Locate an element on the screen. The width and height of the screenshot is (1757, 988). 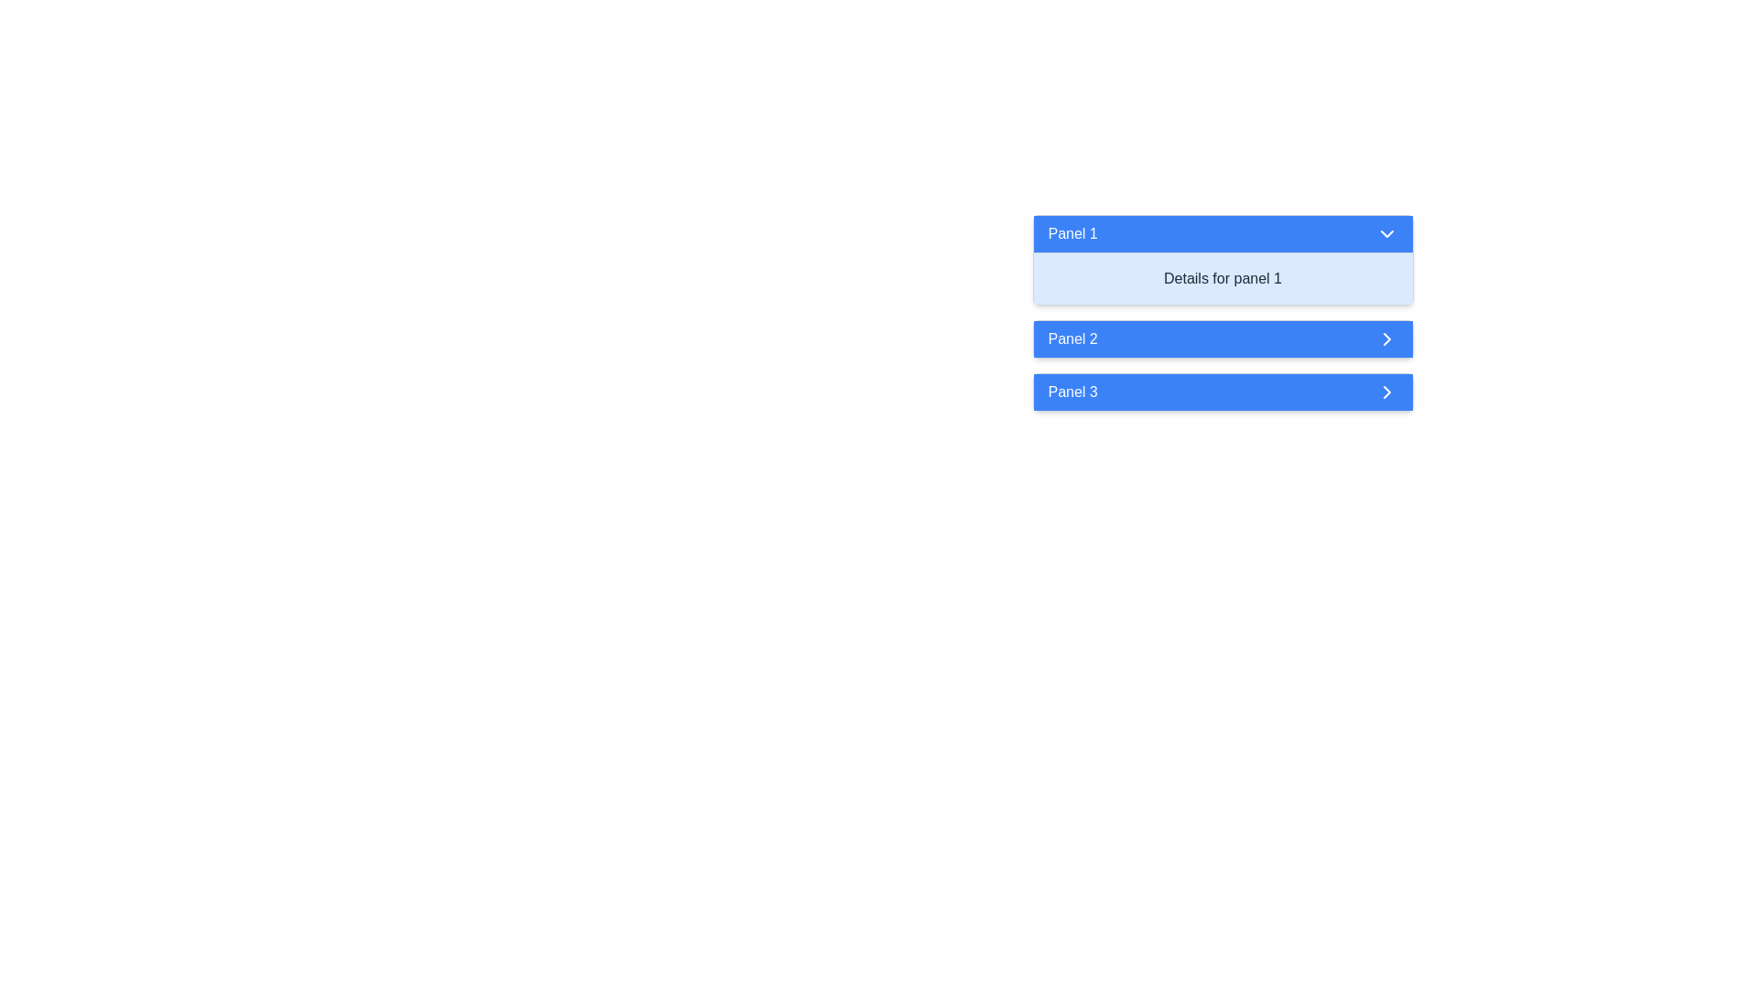
the Label displaying 'Panel 1' in white font against a blue background, located on the left side of the blue panel header is located at coordinates (1073, 232).